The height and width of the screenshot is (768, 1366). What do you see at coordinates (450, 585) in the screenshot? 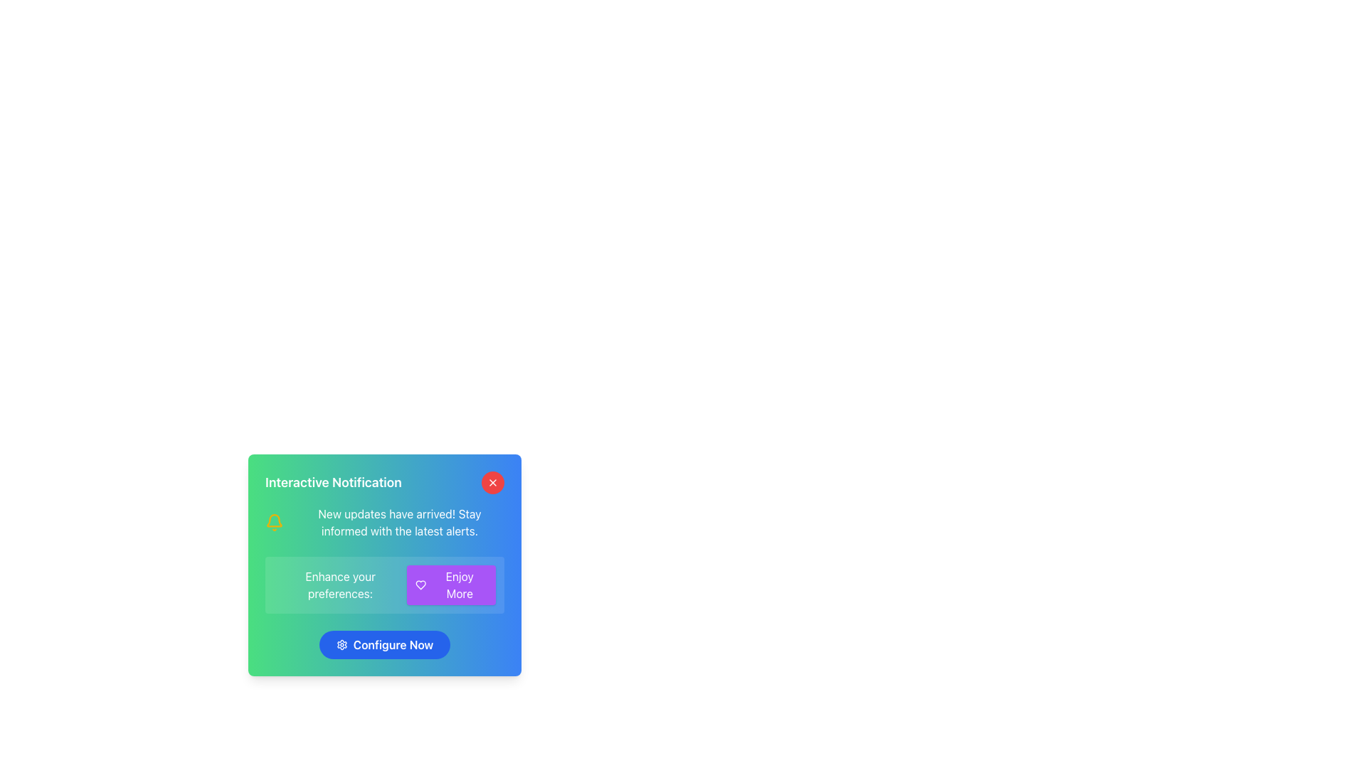
I see `the purple button labeled 'Enjoy More' with a heart icon` at bounding box center [450, 585].